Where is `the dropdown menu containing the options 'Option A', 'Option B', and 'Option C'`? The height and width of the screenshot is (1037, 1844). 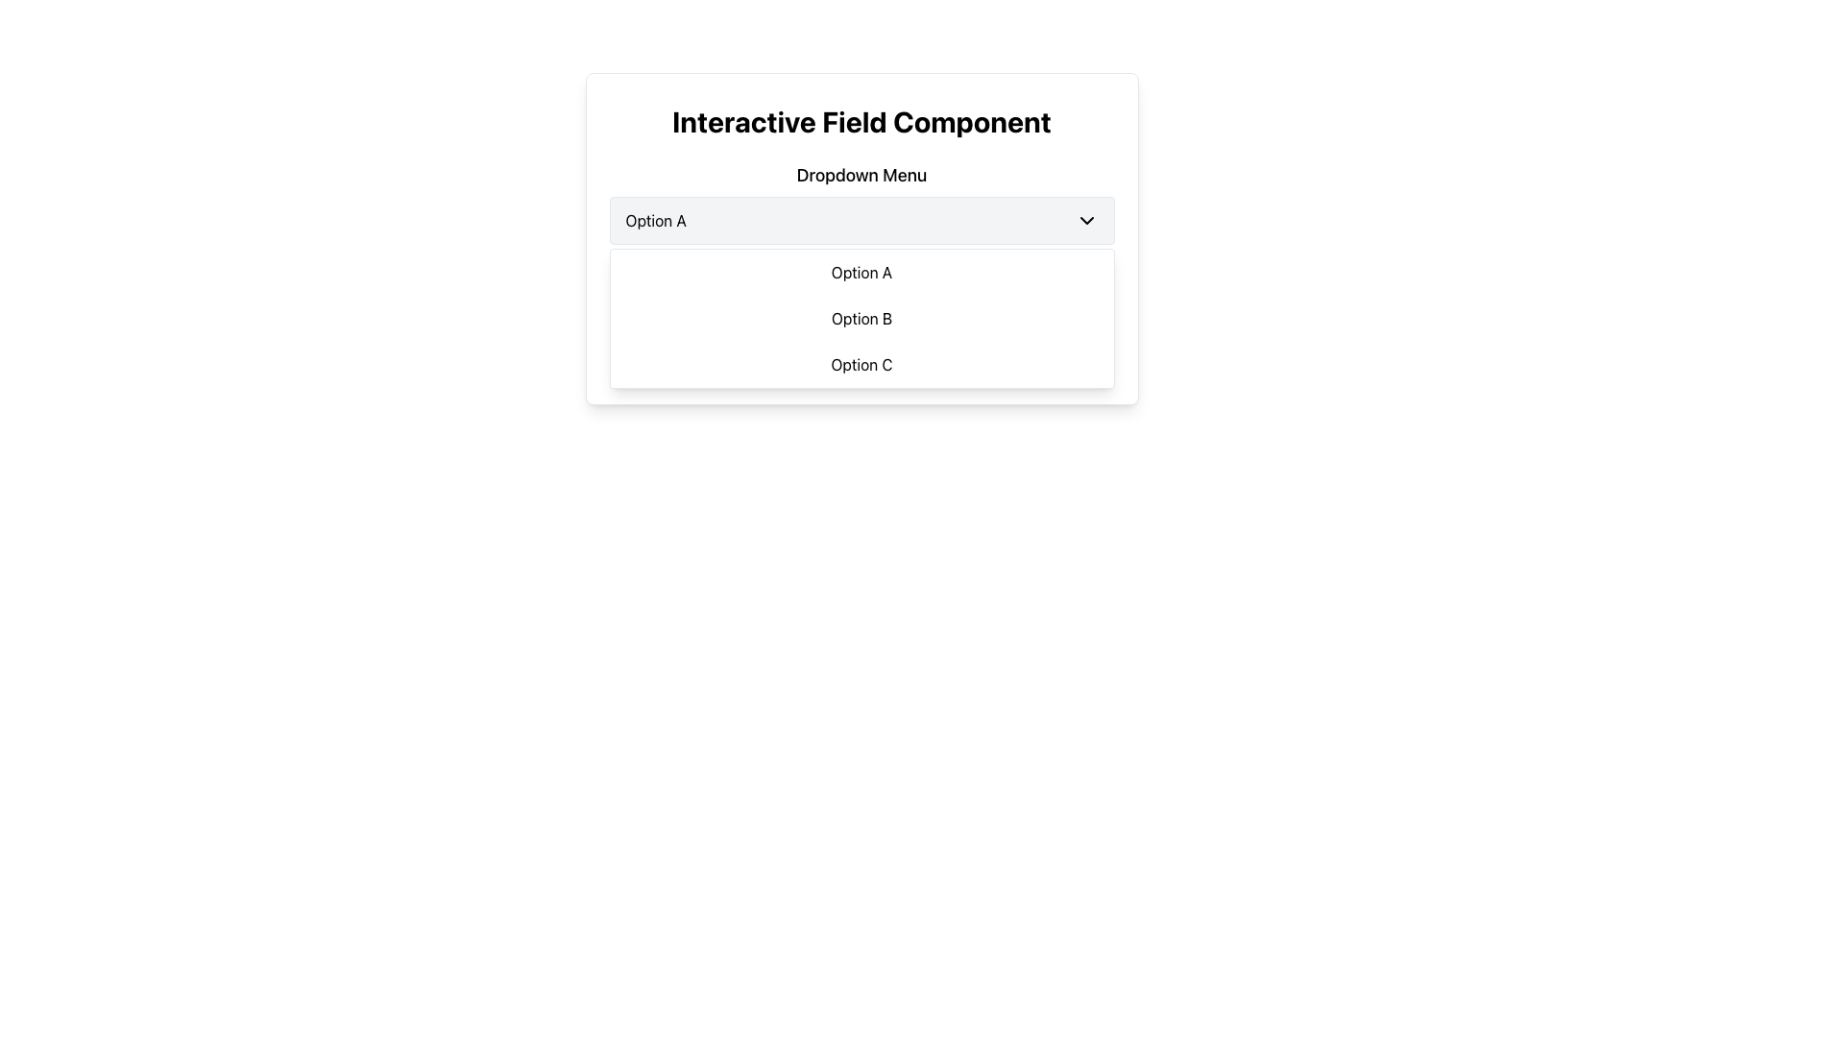 the dropdown menu containing the options 'Option A', 'Option B', and 'Option C' is located at coordinates (861, 317).